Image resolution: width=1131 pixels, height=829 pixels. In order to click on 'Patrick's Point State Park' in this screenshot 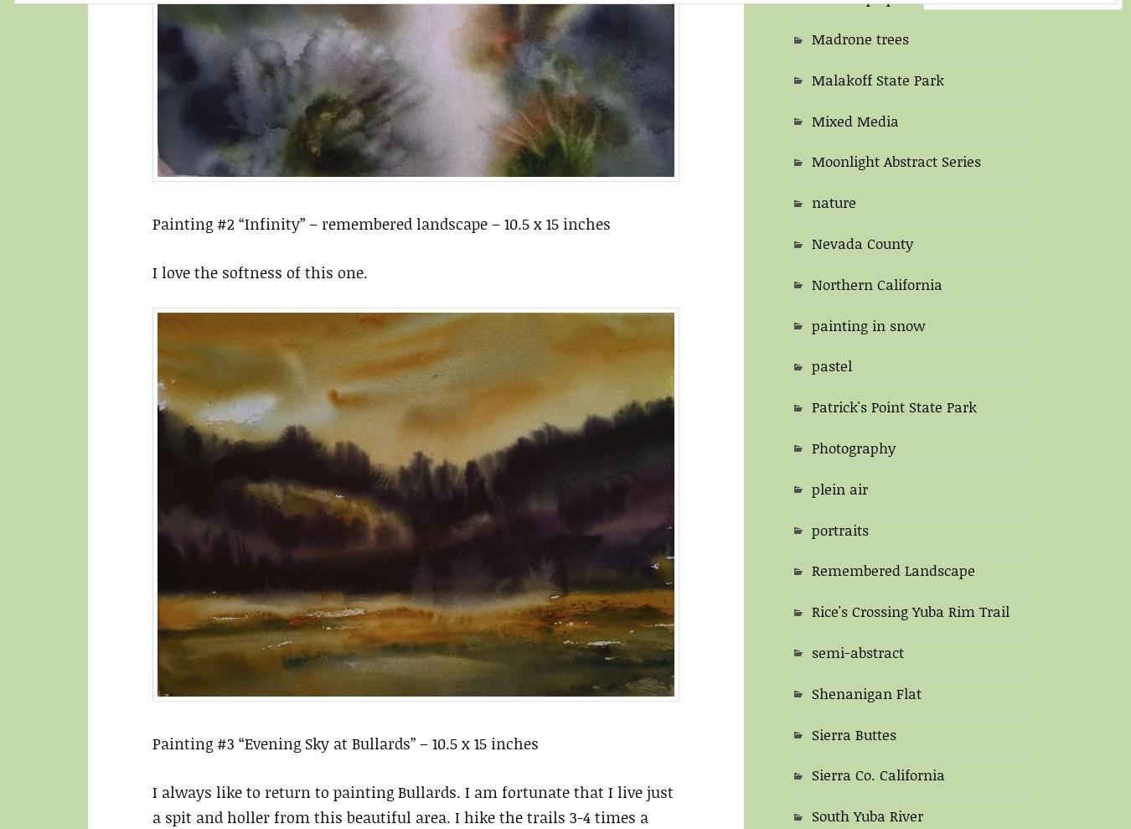, I will do `click(894, 406)`.